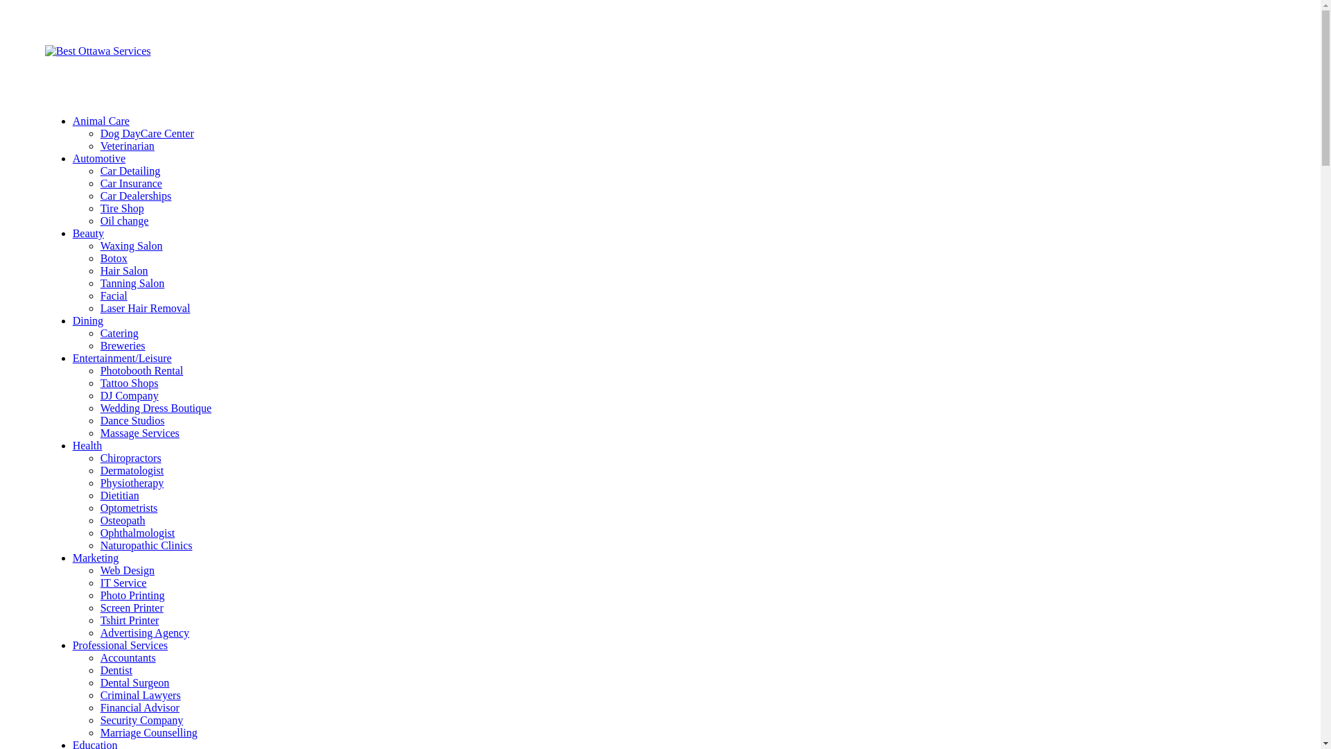 The width and height of the screenshot is (1331, 749). What do you see at coordinates (120, 645) in the screenshot?
I see `'Professional Services'` at bounding box center [120, 645].